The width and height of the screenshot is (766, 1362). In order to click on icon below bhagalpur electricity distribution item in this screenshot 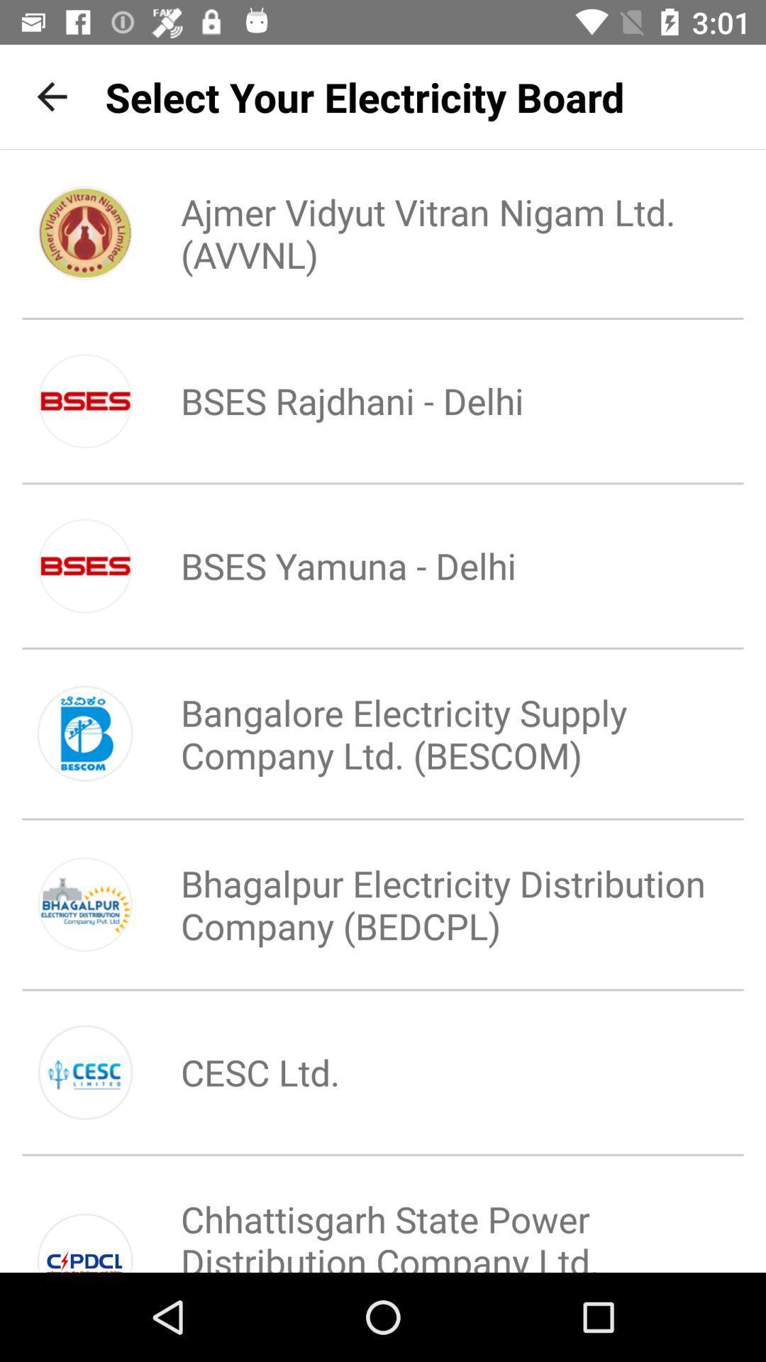, I will do `click(235, 1072)`.